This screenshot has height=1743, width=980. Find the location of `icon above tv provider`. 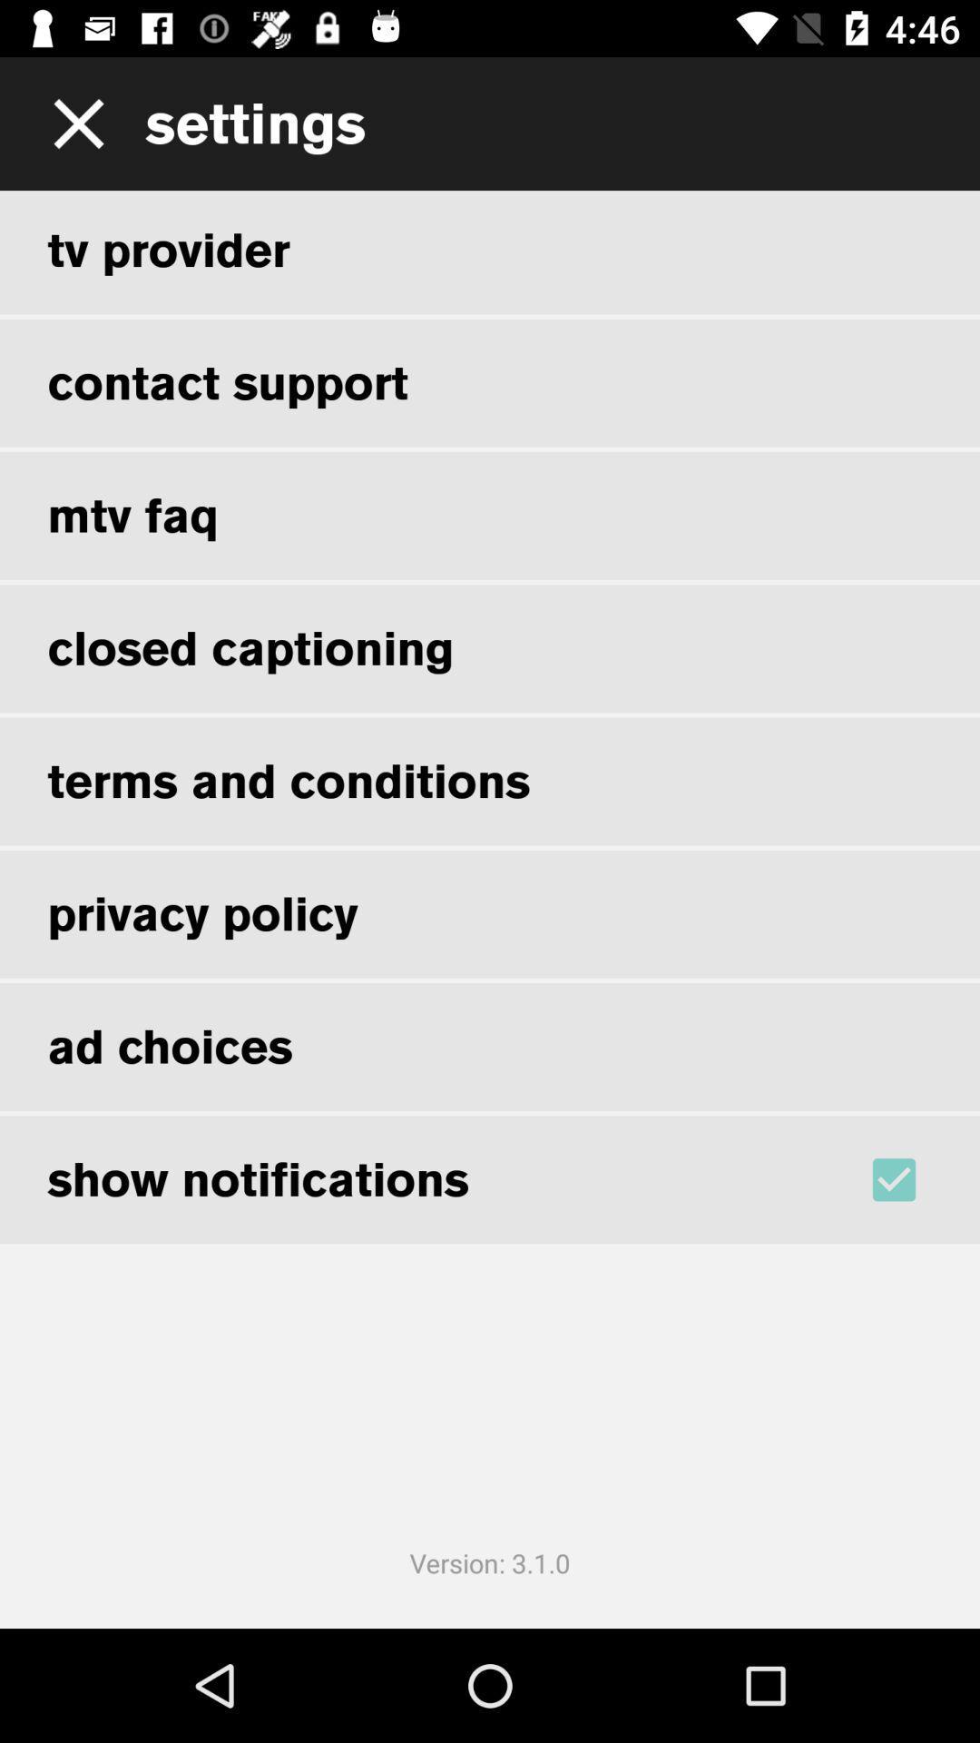

icon above tv provider is located at coordinates (72, 123).